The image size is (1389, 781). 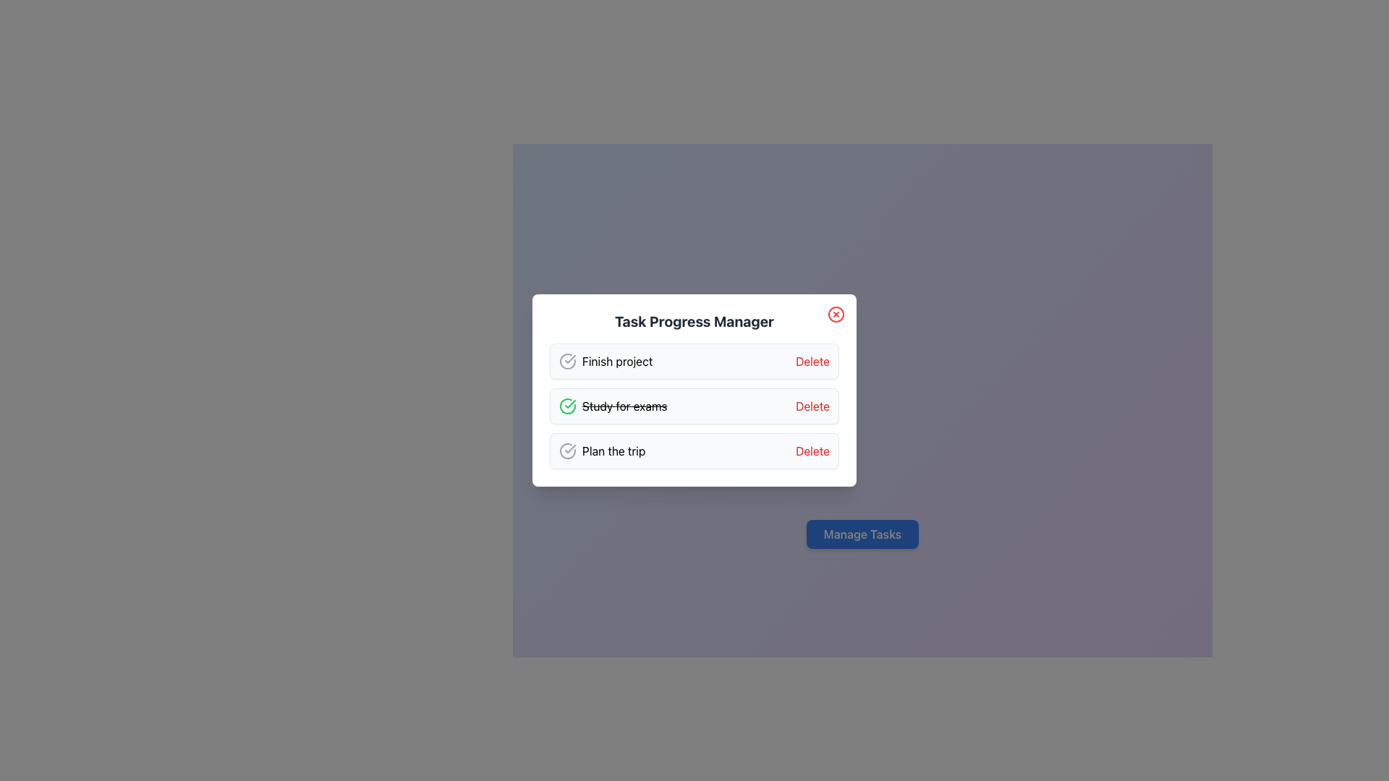 I want to click on the circular icon with a checkmark that indicates completion, located to the left of the 'Plan the trip' text label in the 'Task Progress Manager' interface, so click(x=567, y=451).